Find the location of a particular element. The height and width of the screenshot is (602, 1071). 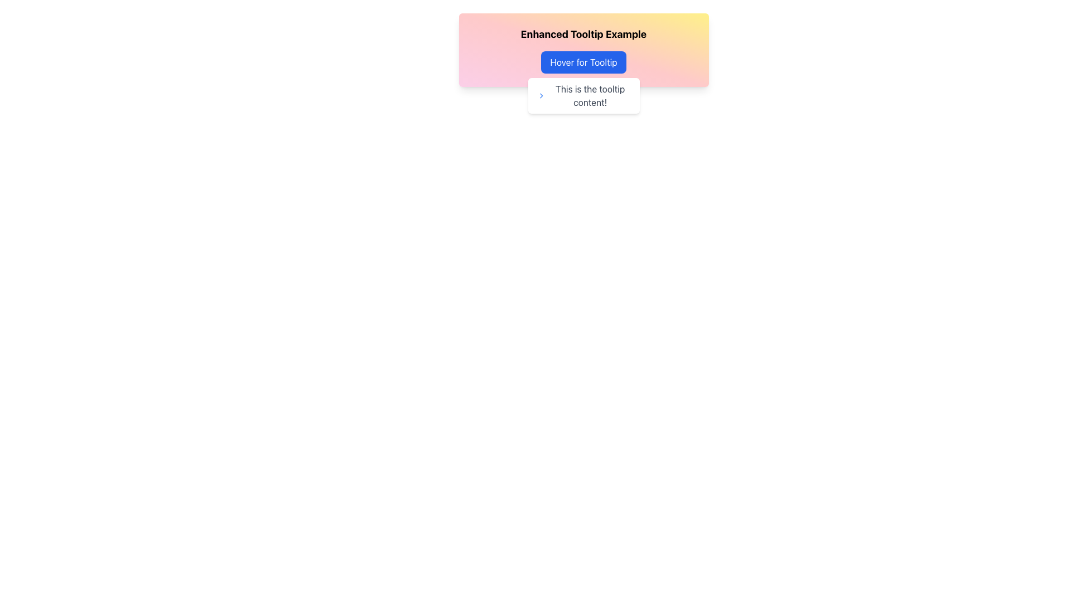

the tooltip that provides additional context or information, positioned directly below the button labeled 'Hover for Tooltip' is located at coordinates (583, 95).